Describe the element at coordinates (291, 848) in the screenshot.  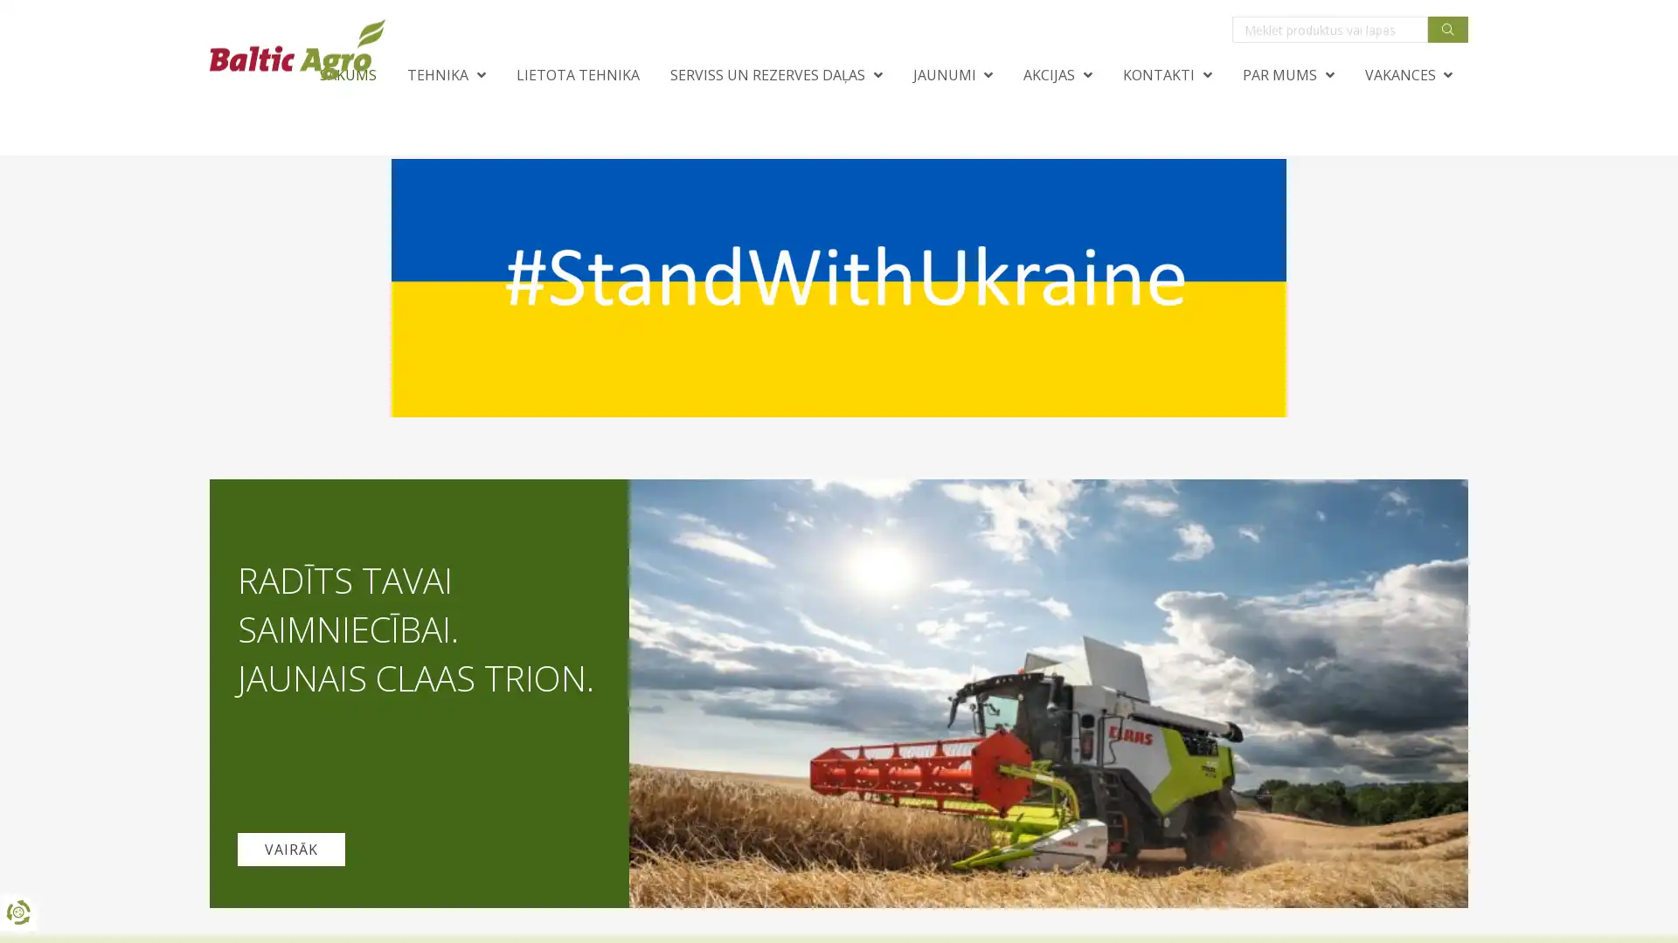
I see `VAIRAK` at that location.